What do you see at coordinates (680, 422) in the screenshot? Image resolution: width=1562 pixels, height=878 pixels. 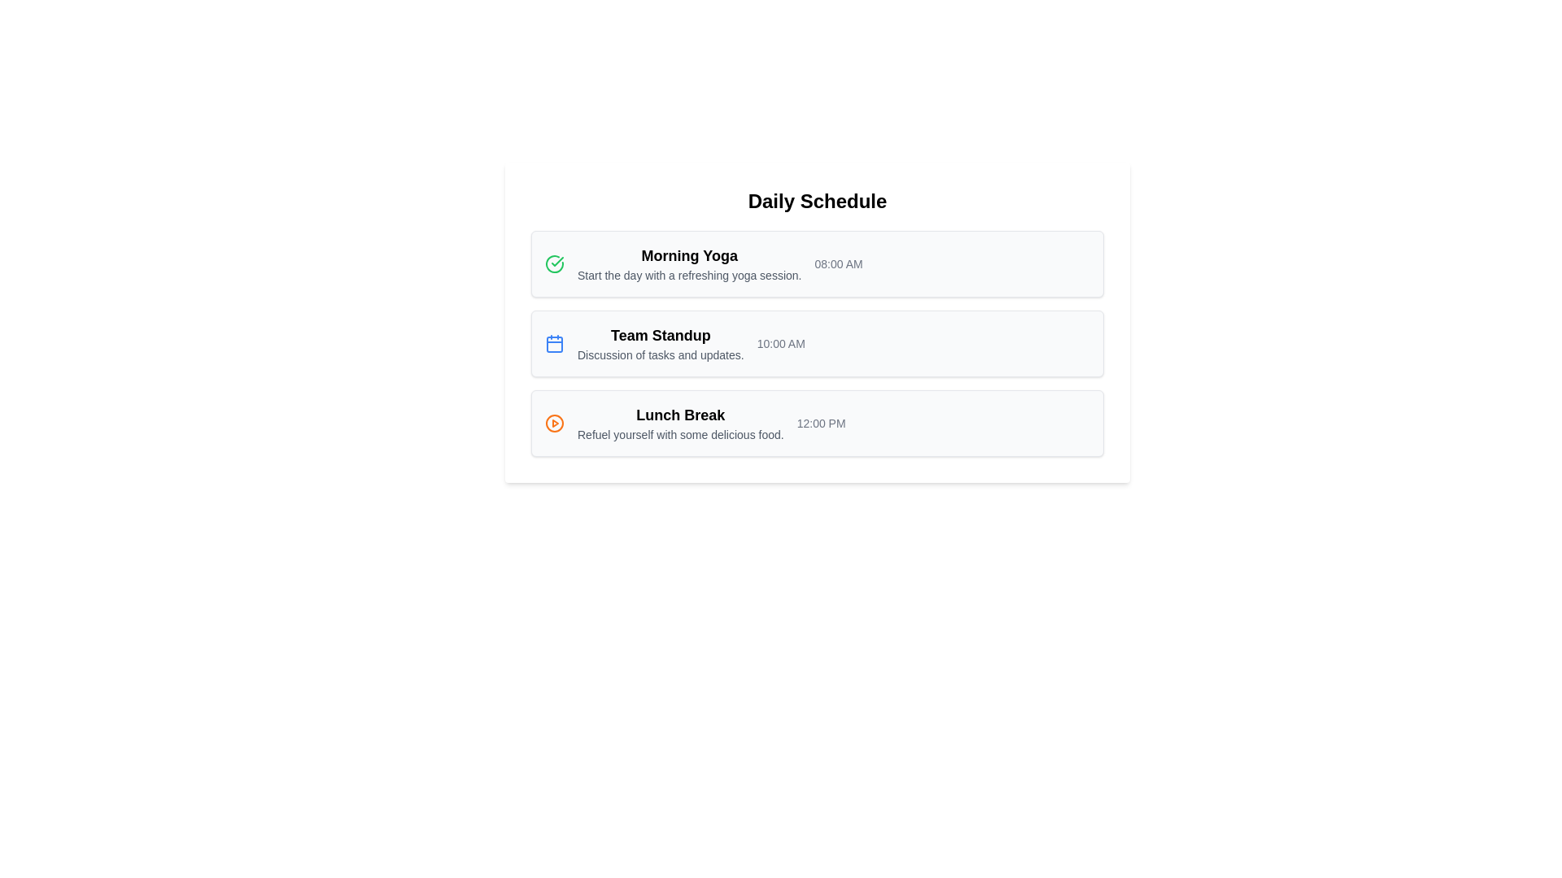 I see `the third entry in the daily schedule, titled 'Lunch Break'` at bounding box center [680, 422].